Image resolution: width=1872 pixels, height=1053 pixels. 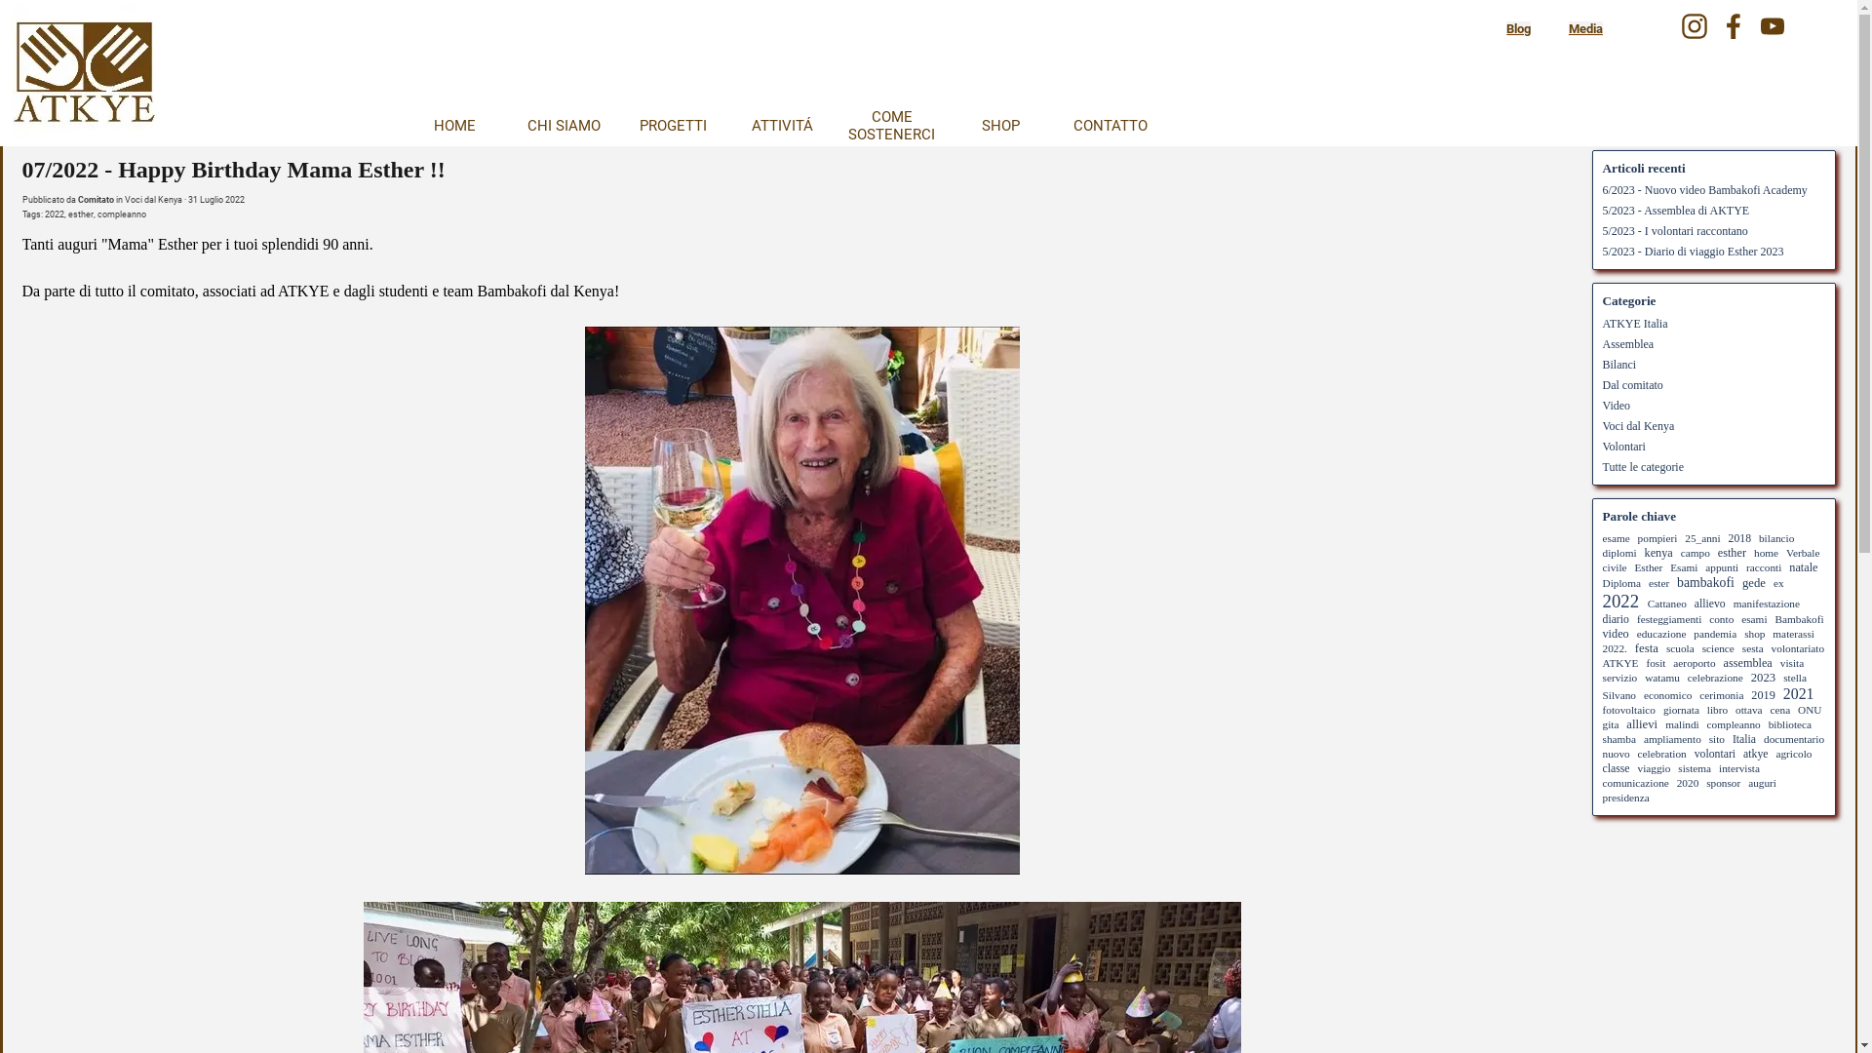 I want to click on '2021', so click(x=1797, y=692).